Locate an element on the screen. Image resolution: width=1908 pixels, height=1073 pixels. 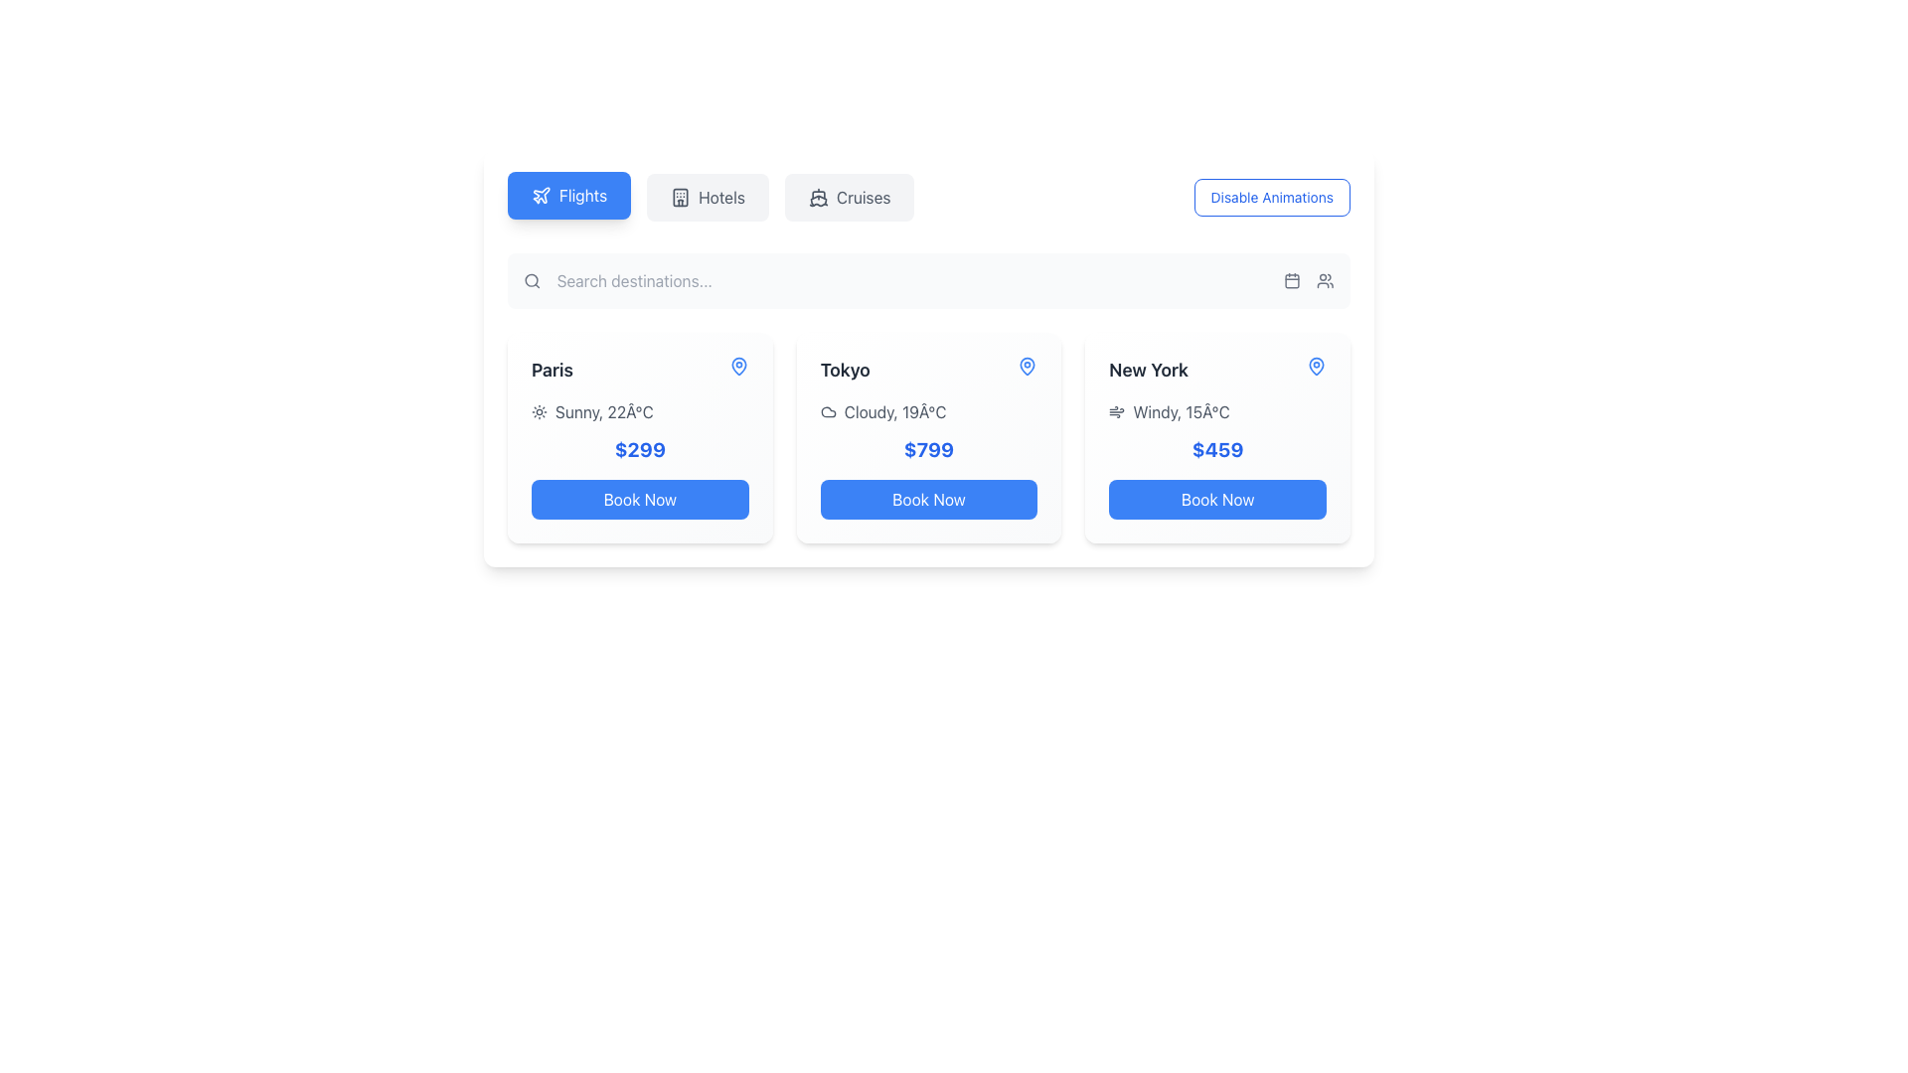
the user-related feature icon located in the upper-right portion of the toolbar is located at coordinates (1326, 280).